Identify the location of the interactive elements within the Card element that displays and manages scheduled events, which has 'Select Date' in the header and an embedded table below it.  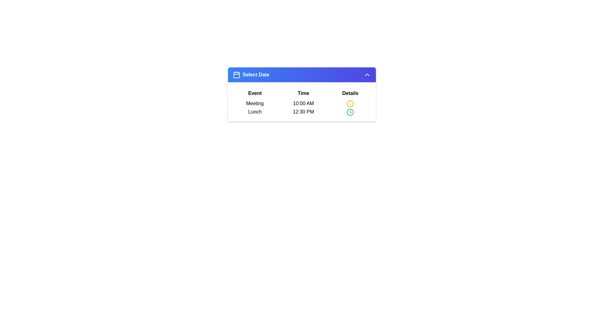
(302, 94).